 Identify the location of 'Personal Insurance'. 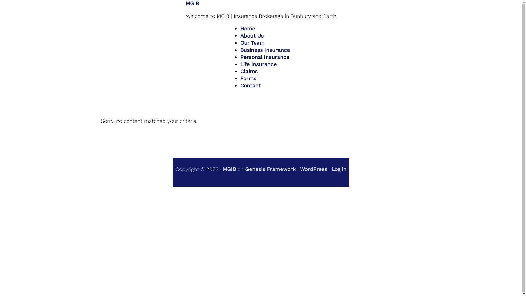
(240, 57).